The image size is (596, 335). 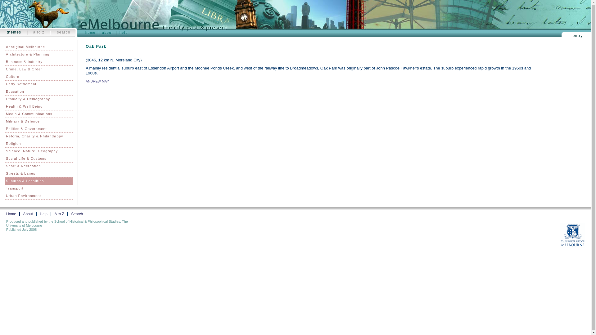 What do you see at coordinates (38, 196) in the screenshot?
I see `'Urban Environment'` at bounding box center [38, 196].